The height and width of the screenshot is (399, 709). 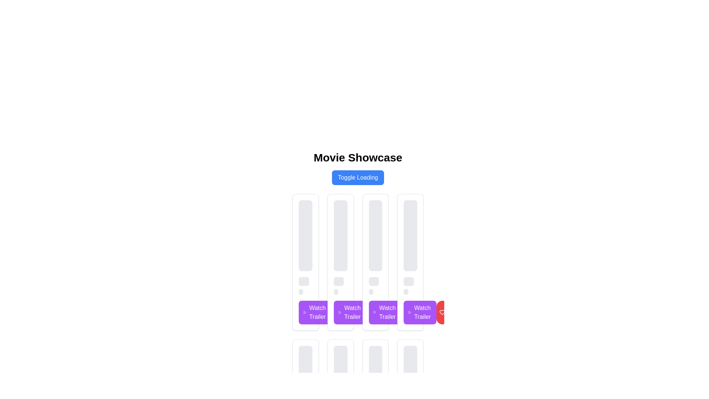 I want to click on the rightmost button in the fourth card to initiate trailer playback, so click(x=410, y=312).